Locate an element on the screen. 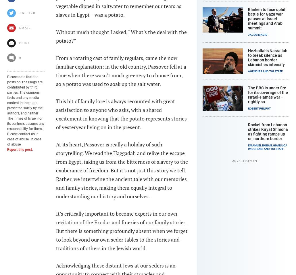  'Twitter' is located at coordinates (27, 12).